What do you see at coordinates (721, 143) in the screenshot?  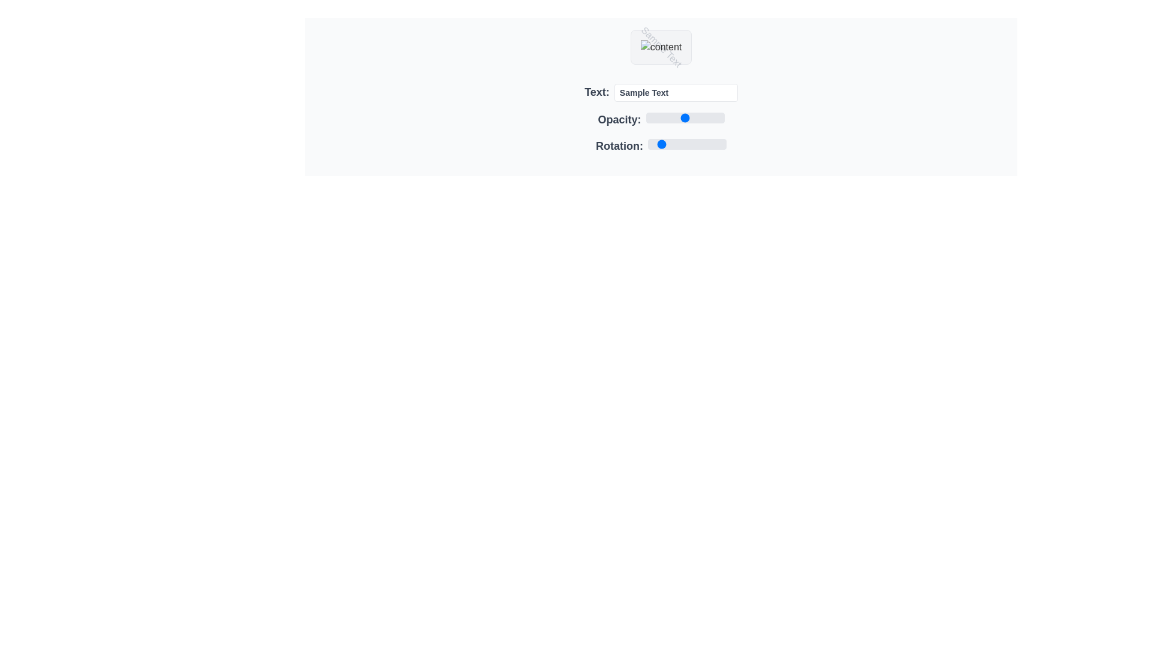 I see `rotation` at bounding box center [721, 143].